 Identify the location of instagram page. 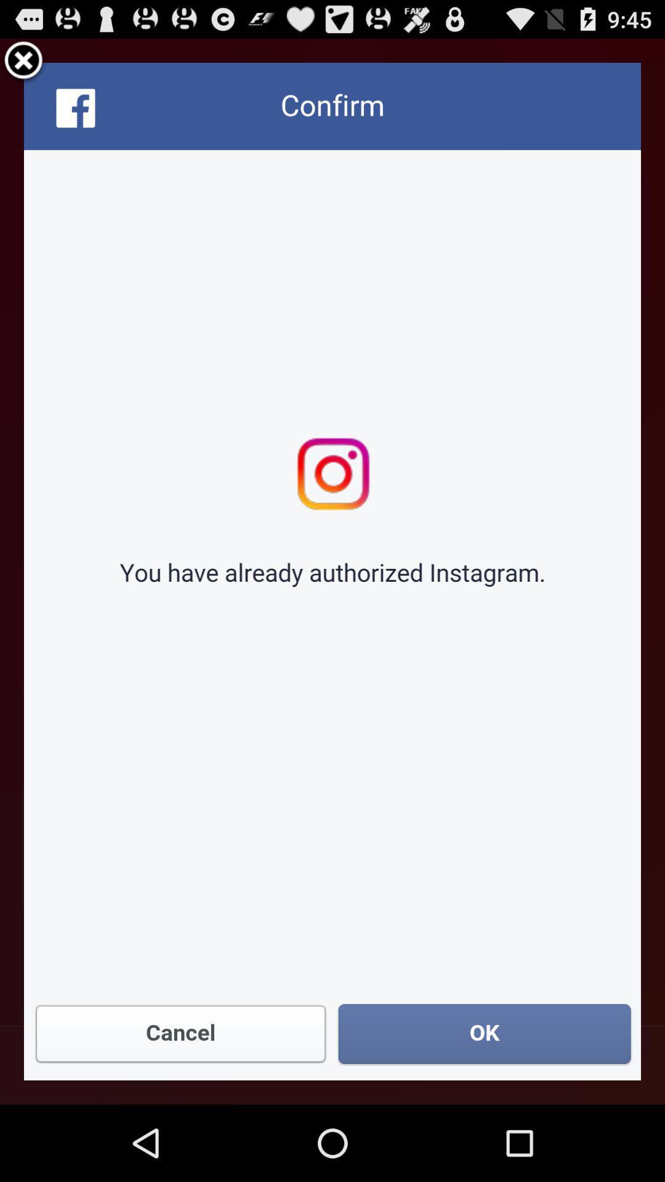
(332, 571).